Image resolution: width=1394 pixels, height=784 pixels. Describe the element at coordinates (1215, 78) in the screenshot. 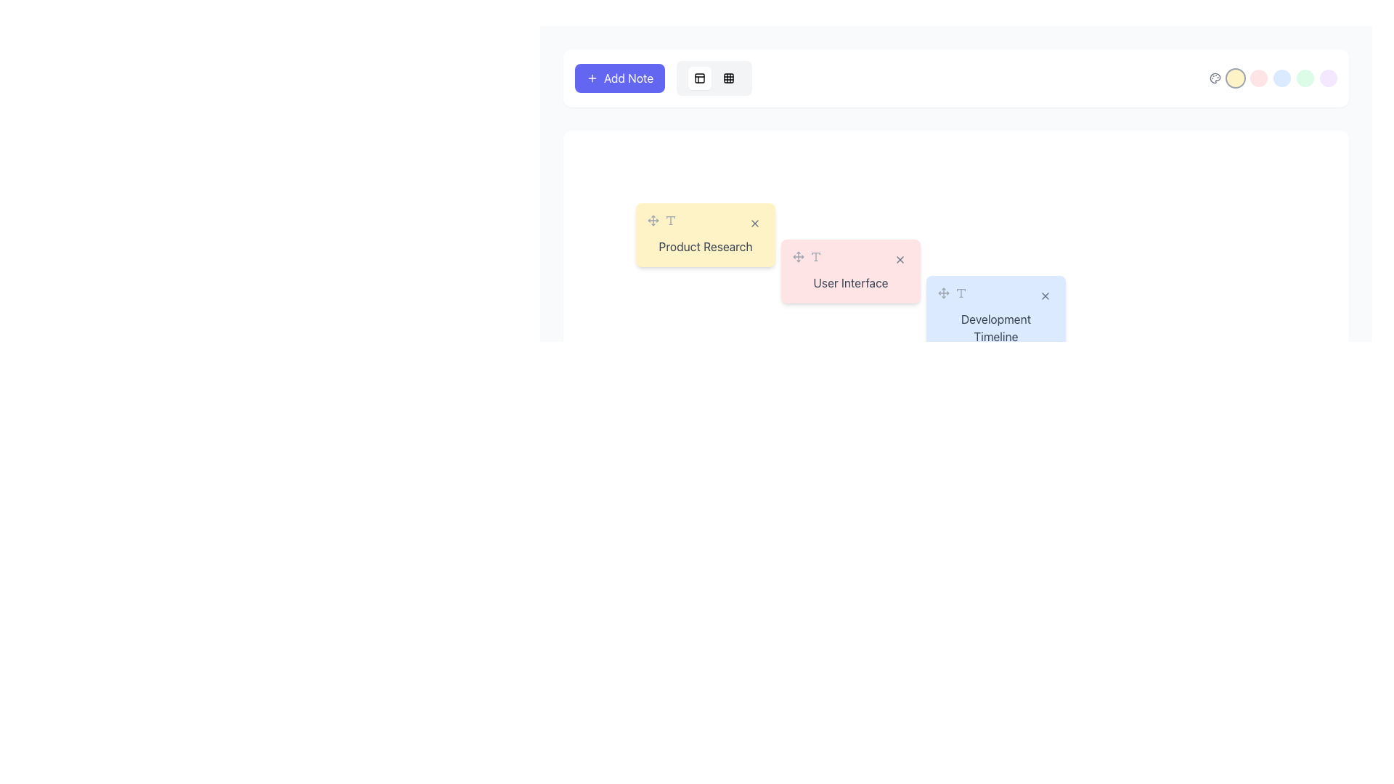

I see `the decorative SVG icon representing a 'palette' or 'color scheme' concept, which is the first element on the left within a row of circular, colored indicators located in the top-right region of the interface` at that location.